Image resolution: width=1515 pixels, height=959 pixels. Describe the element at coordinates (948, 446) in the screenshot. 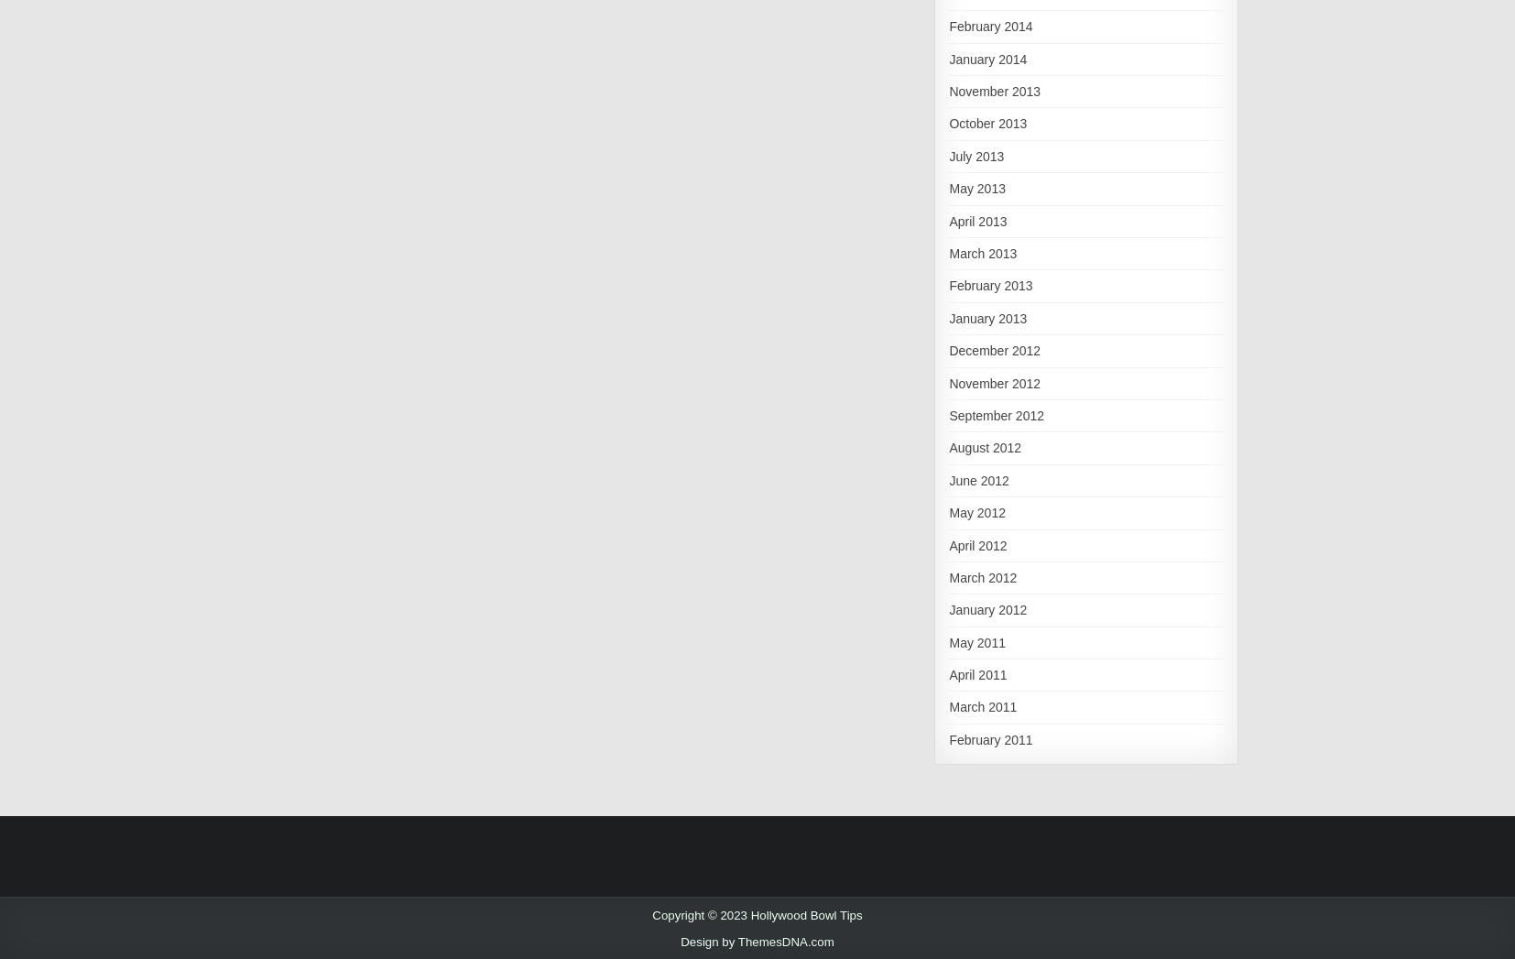

I see `'August 2012'` at that location.